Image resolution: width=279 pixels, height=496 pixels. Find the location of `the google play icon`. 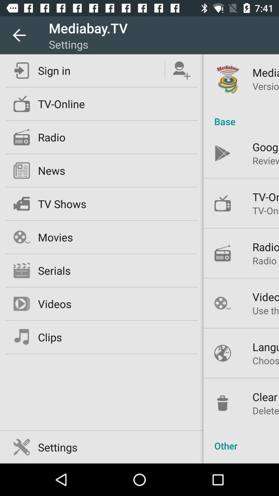

the google play icon is located at coordinates (266, 146).